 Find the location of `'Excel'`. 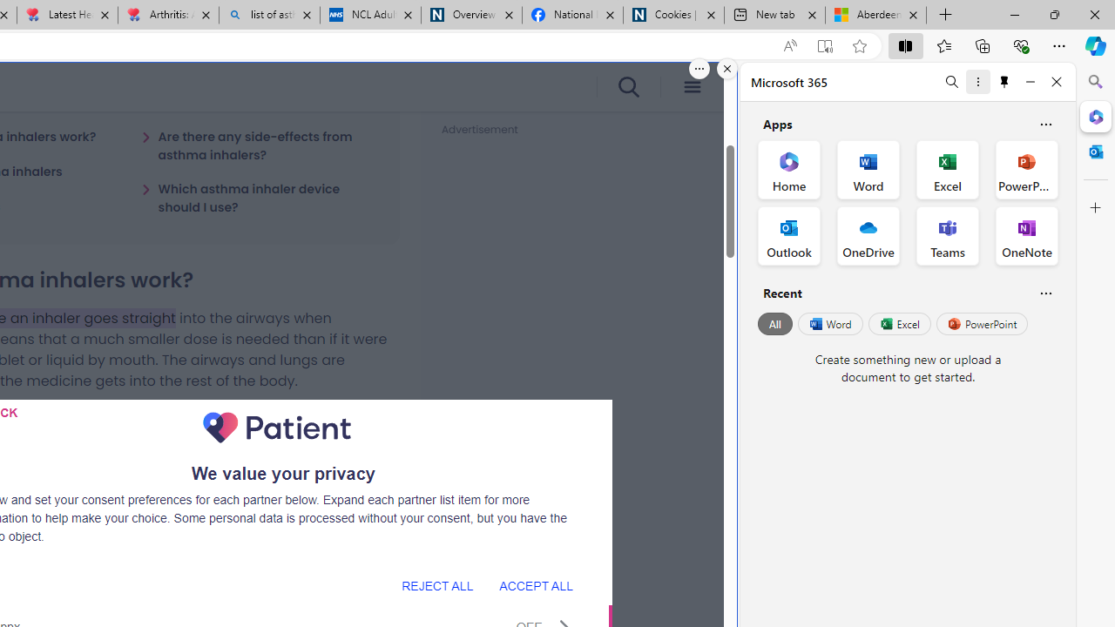

'Excel' is located at coordinates (899, 324).